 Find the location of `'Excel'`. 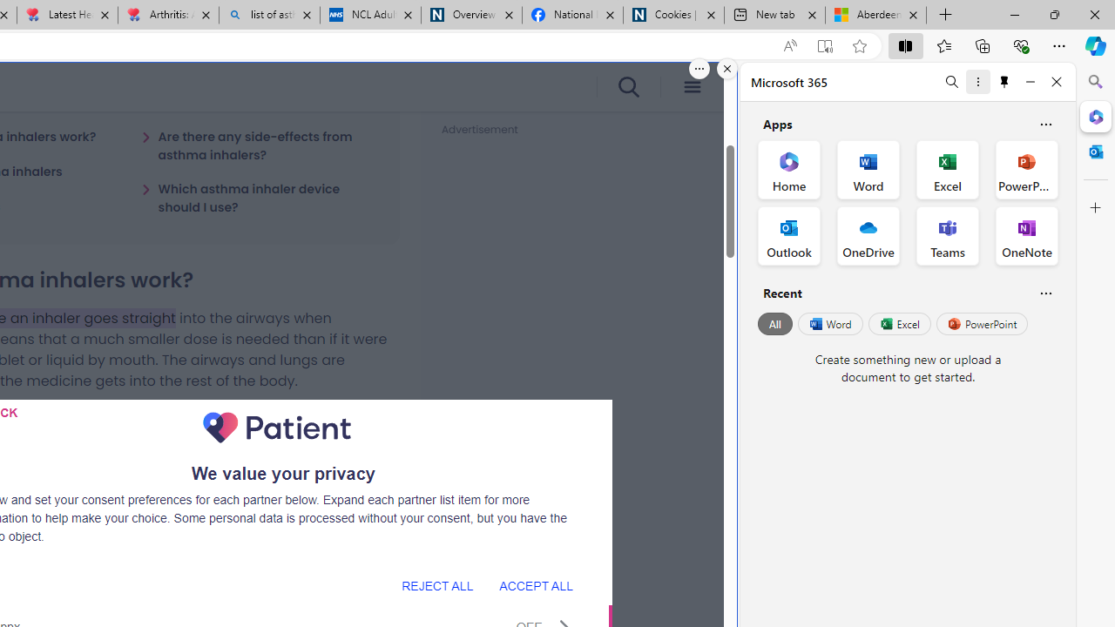

'Excel' is located at coordinates (899, 324).